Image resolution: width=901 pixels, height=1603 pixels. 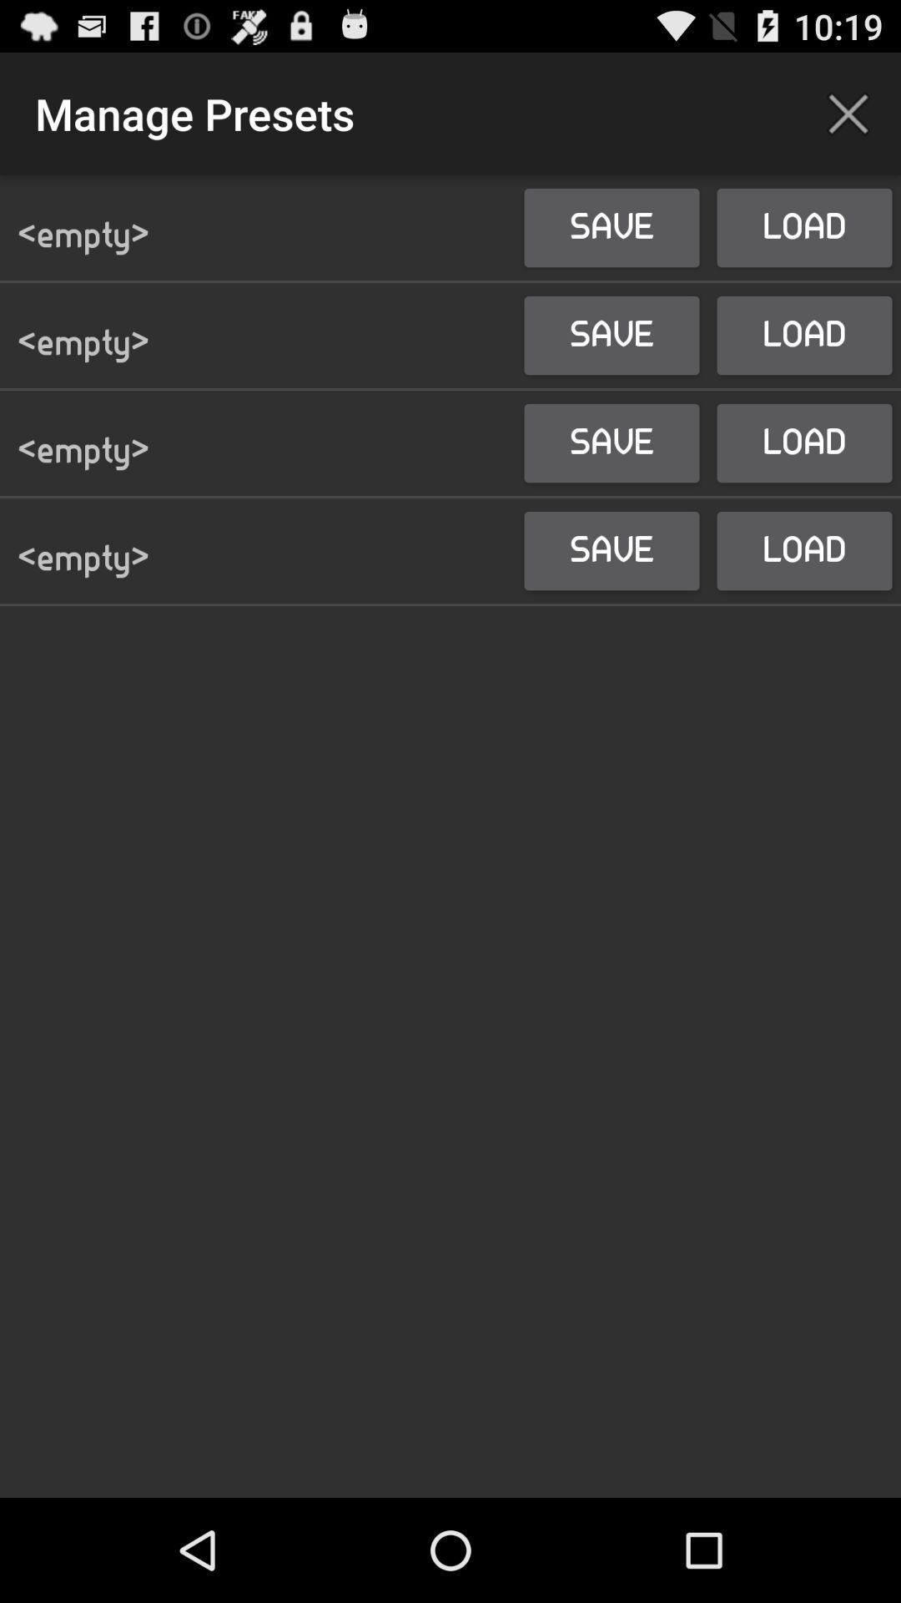 What do you see at coordinates (848, 113) in the screenshot?
I see `the icon above the load button` at bounding box center [848, 113].